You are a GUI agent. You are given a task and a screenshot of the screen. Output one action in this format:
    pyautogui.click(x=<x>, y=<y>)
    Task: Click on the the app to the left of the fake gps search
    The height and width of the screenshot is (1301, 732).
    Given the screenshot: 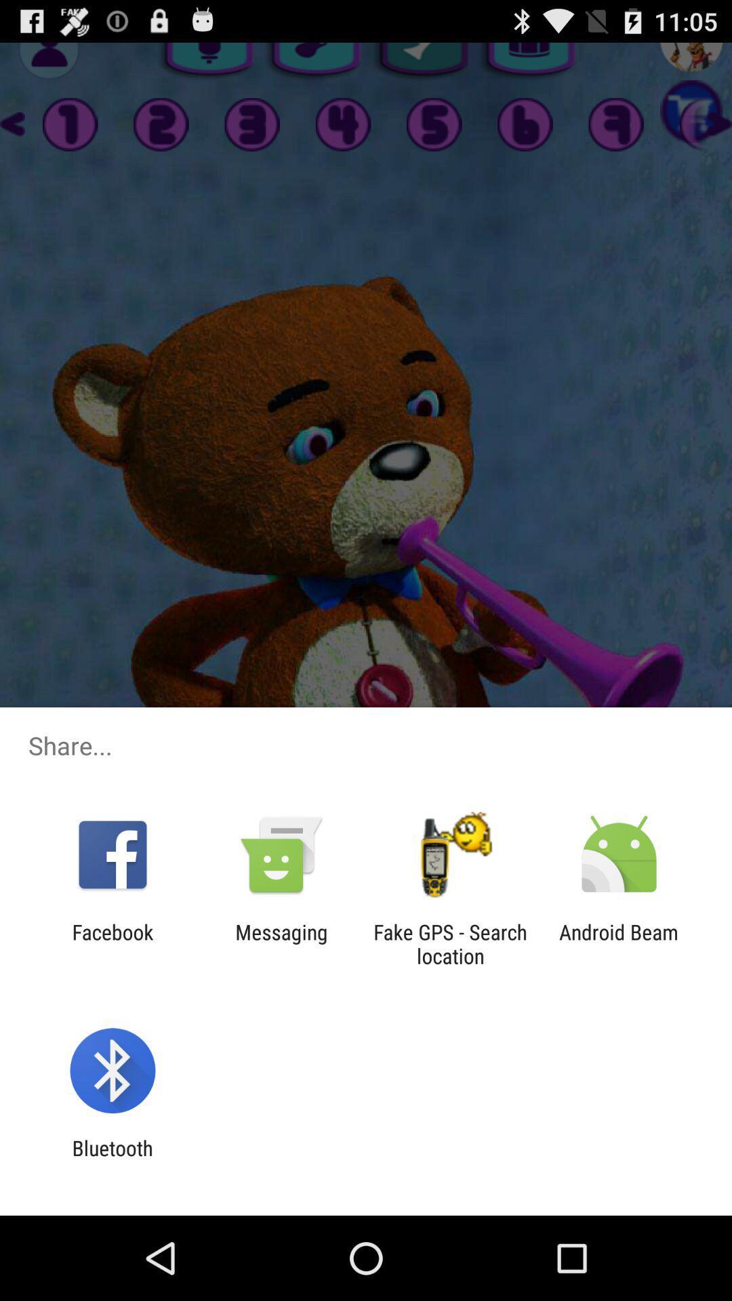 What is the action you would take?
    pyautogui.click(x=281, y=943)
    